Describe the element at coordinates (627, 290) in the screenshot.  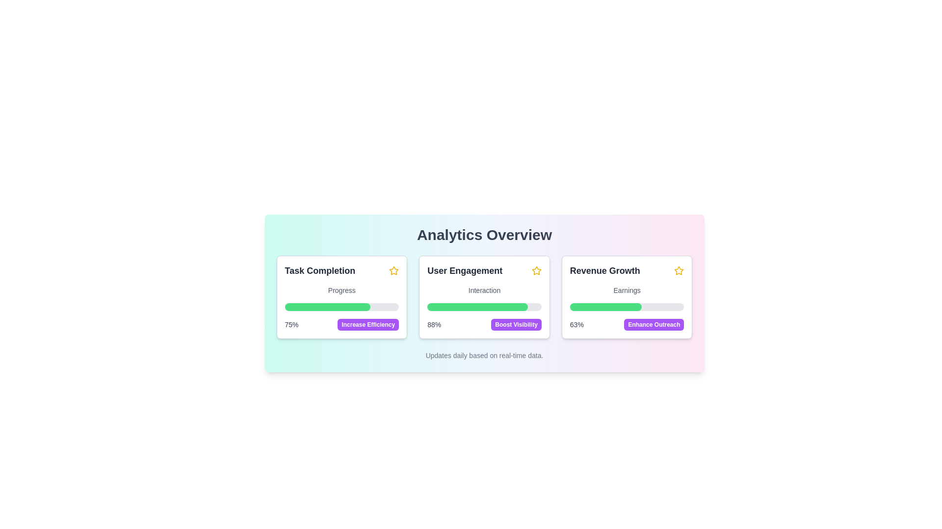
I see `the text label displaying 'Earnings' located within the 'Revenue Growth' card, positioned below the title 'Revenue Growth'` at that location.